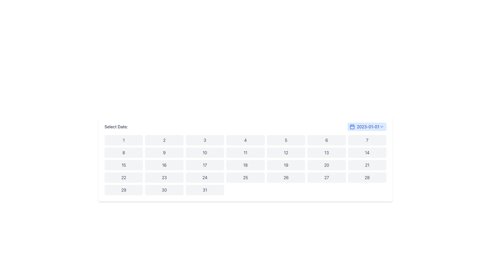  What do you see at coordinates (245, 165) in the screenshot?
I see `the button representing the 18th day in the calendar interface to enable keyboard navigation` at bounding box center [245, 165].